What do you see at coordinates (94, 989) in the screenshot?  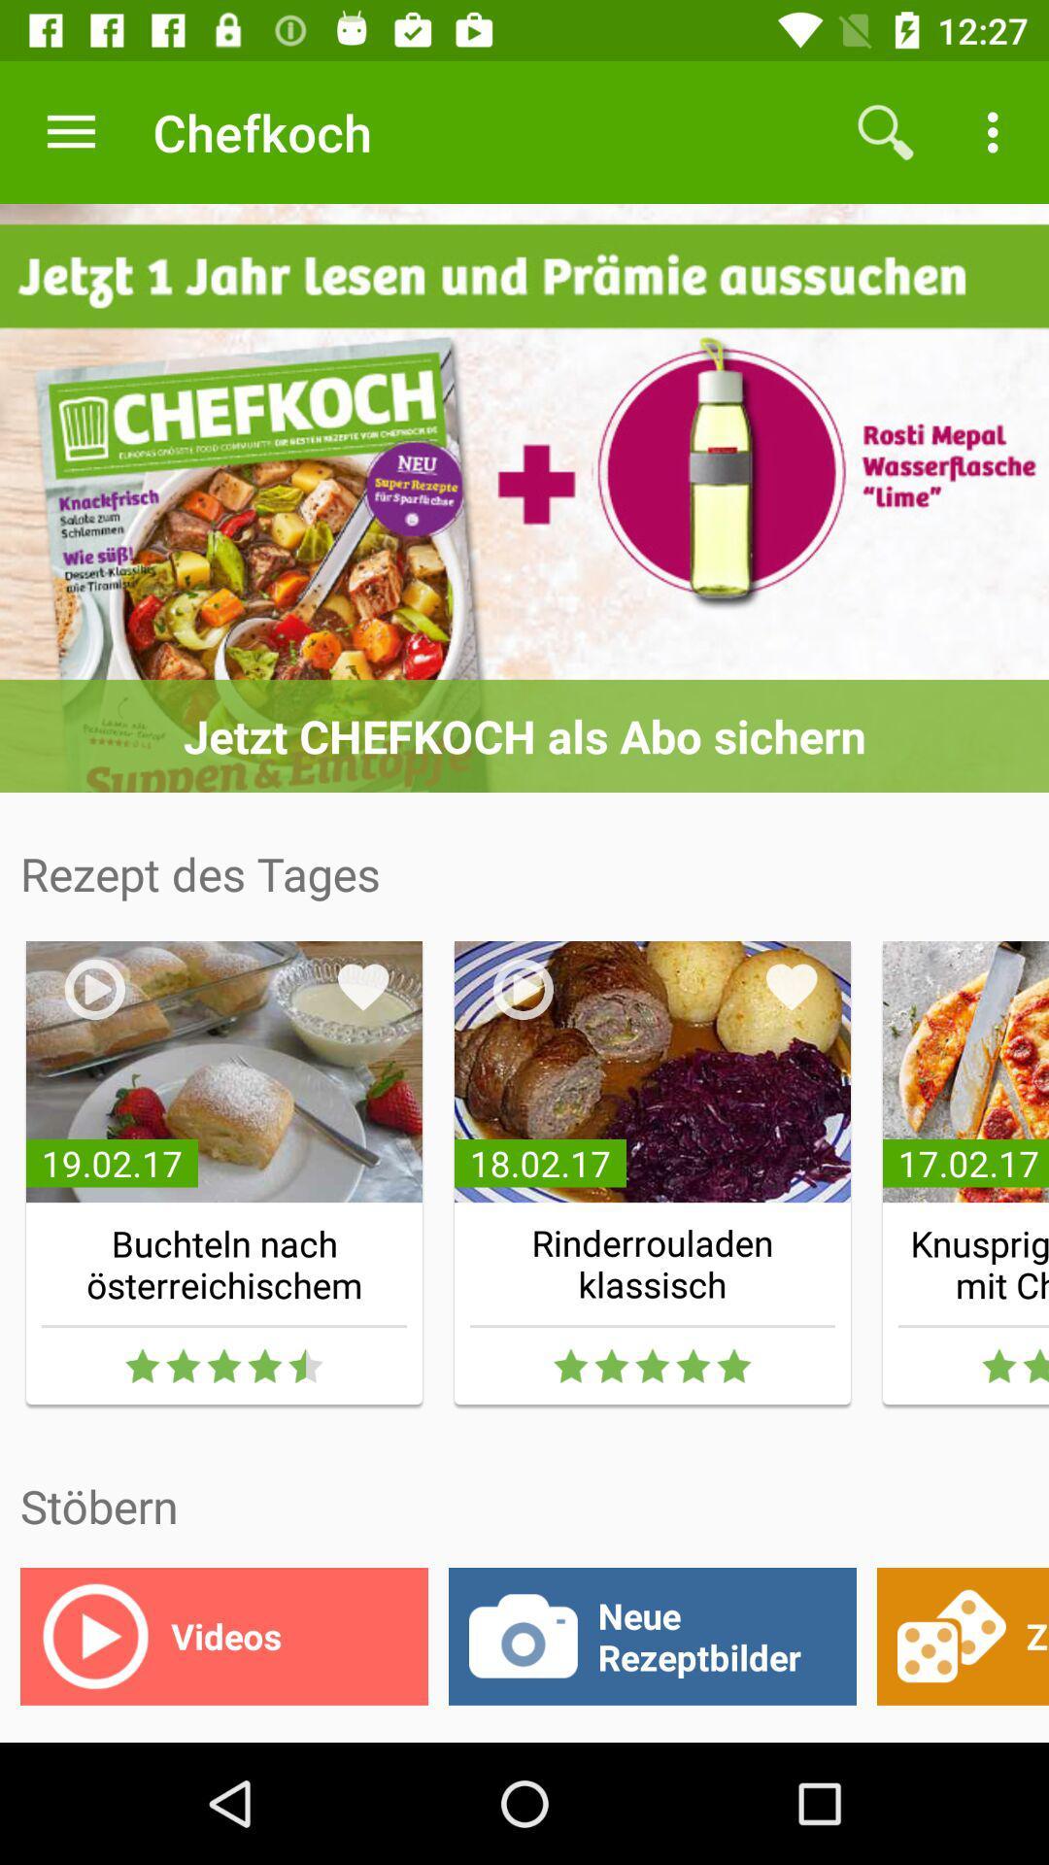 I see `the first play button of the page` at bounding box center [94, 989].